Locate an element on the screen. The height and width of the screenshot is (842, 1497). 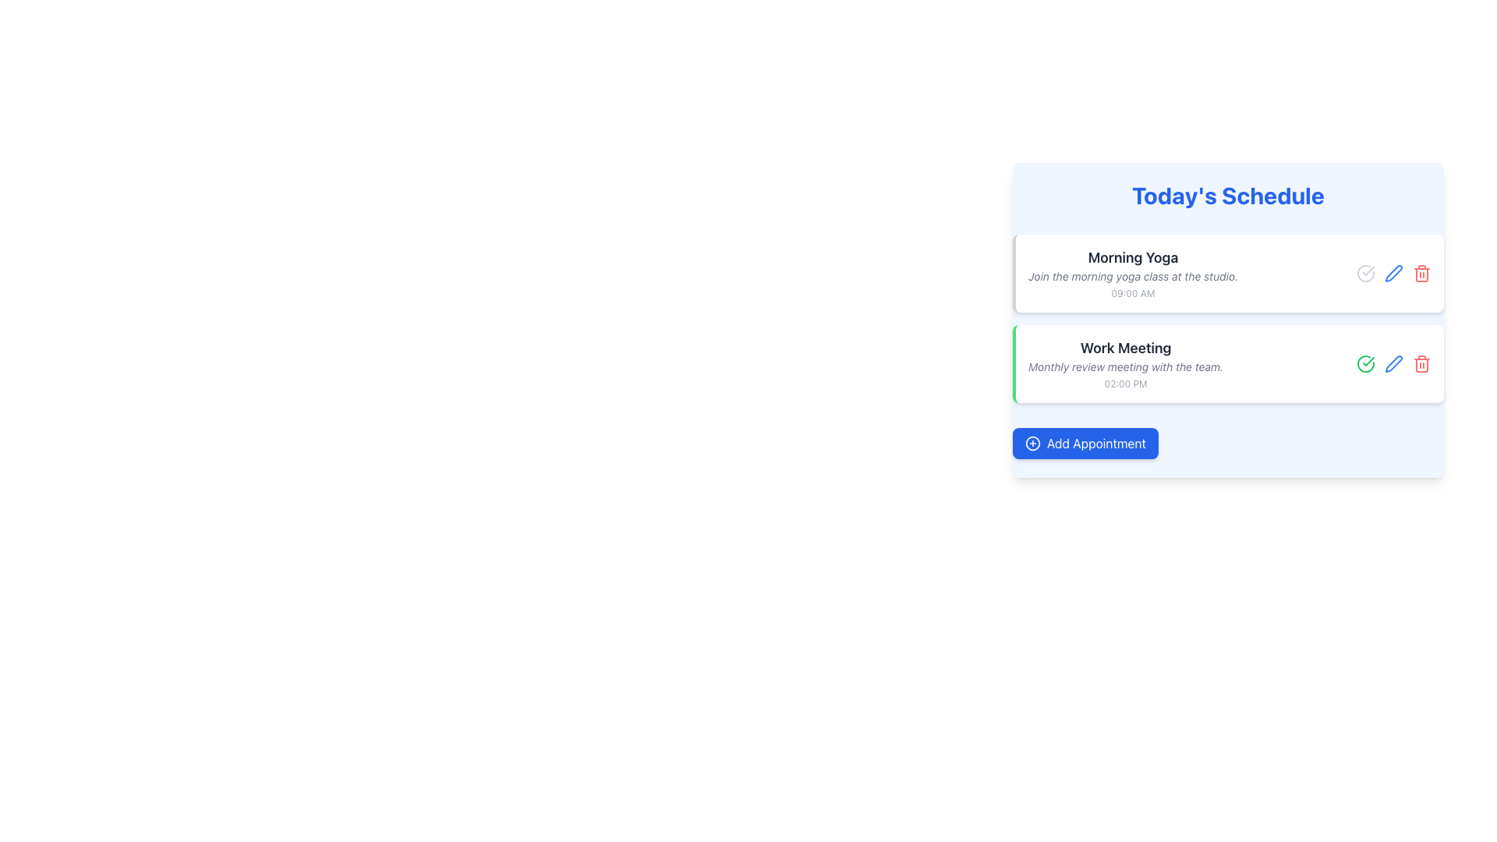
the button located at the bottom section of the 'Today's Schedule' panel is located at coordinates (1085, 444).